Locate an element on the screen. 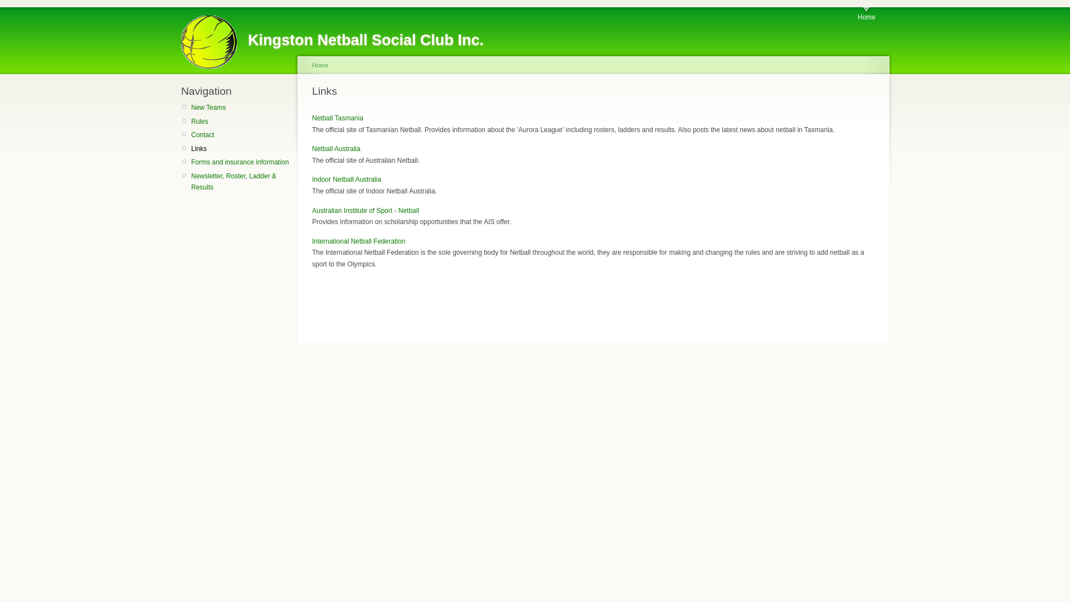  'Contact' is located at coordinates (240, 134).